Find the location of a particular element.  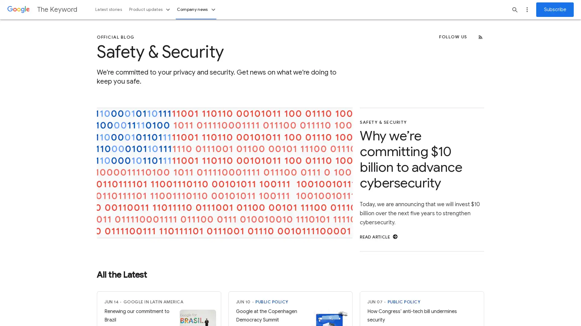

Search is located at coordinates (515, 9).